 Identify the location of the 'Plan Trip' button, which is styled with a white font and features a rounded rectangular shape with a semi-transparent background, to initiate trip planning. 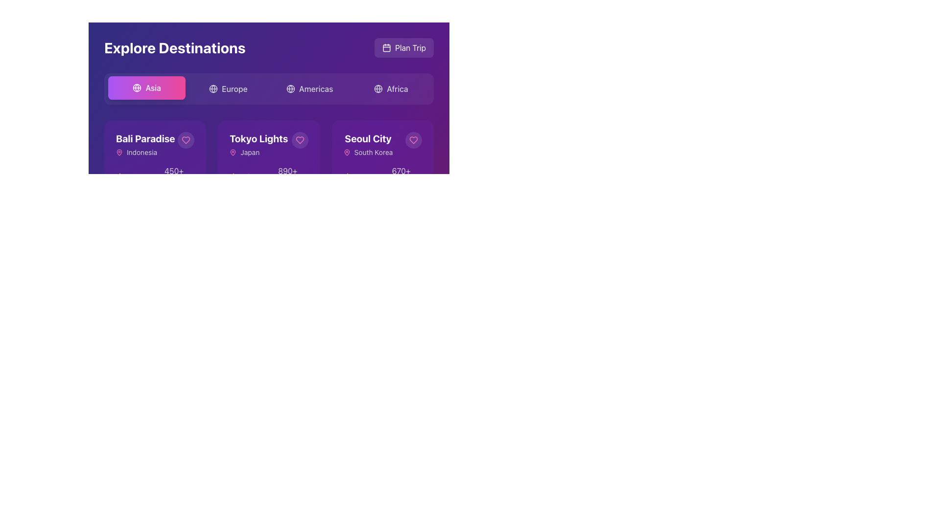
(410, 47).